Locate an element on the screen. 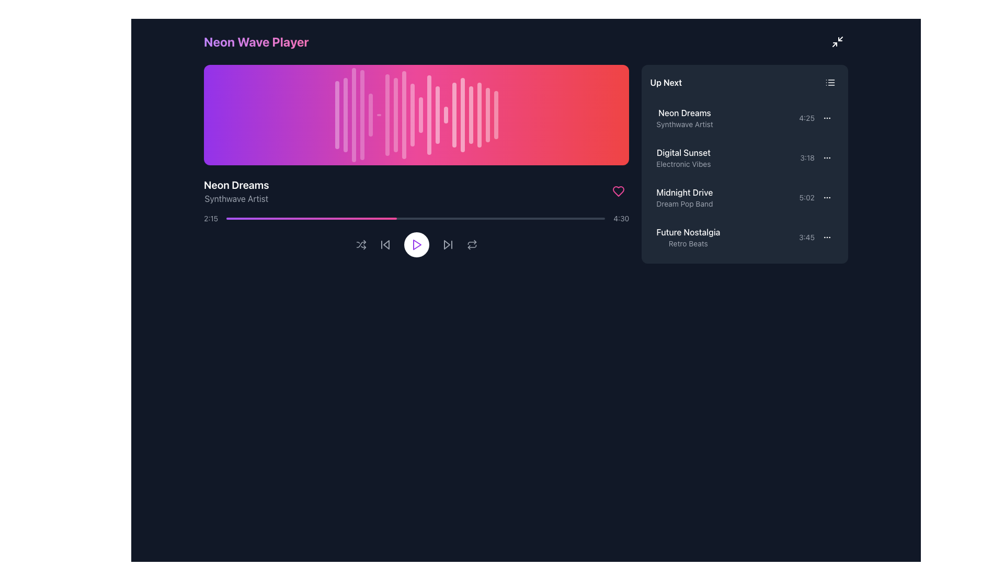 This screenshot has height=565, width=1004. the Text label displaying the duration of the 'Future Nostalgia' track in the 'Up Next' playlist, located towards the right side of the item's row is located at coordinates (806, 238).